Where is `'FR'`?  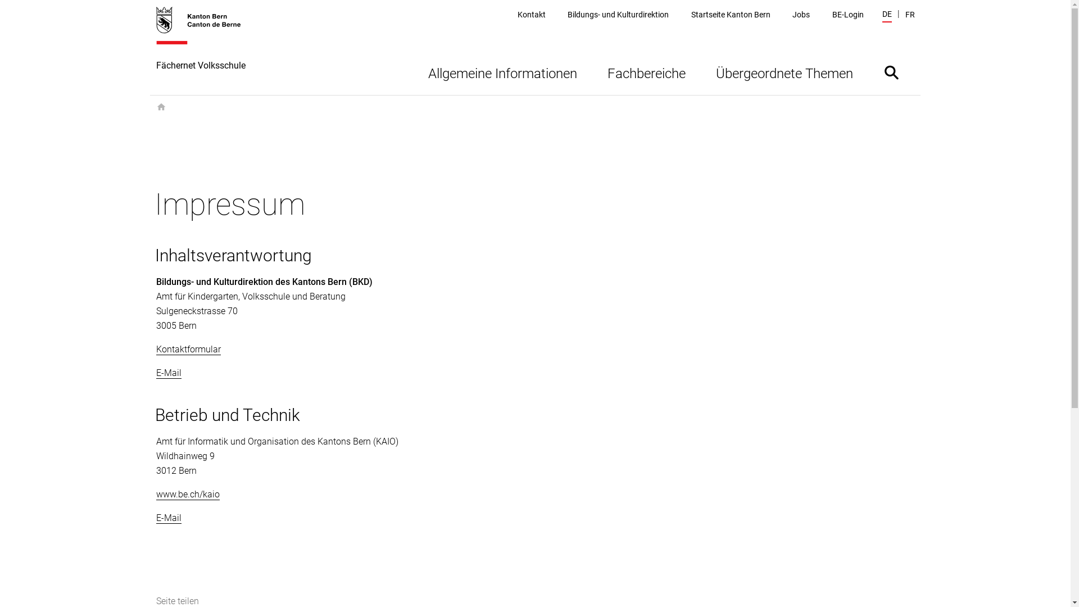 'FR' is located at coordinates (909, 15).